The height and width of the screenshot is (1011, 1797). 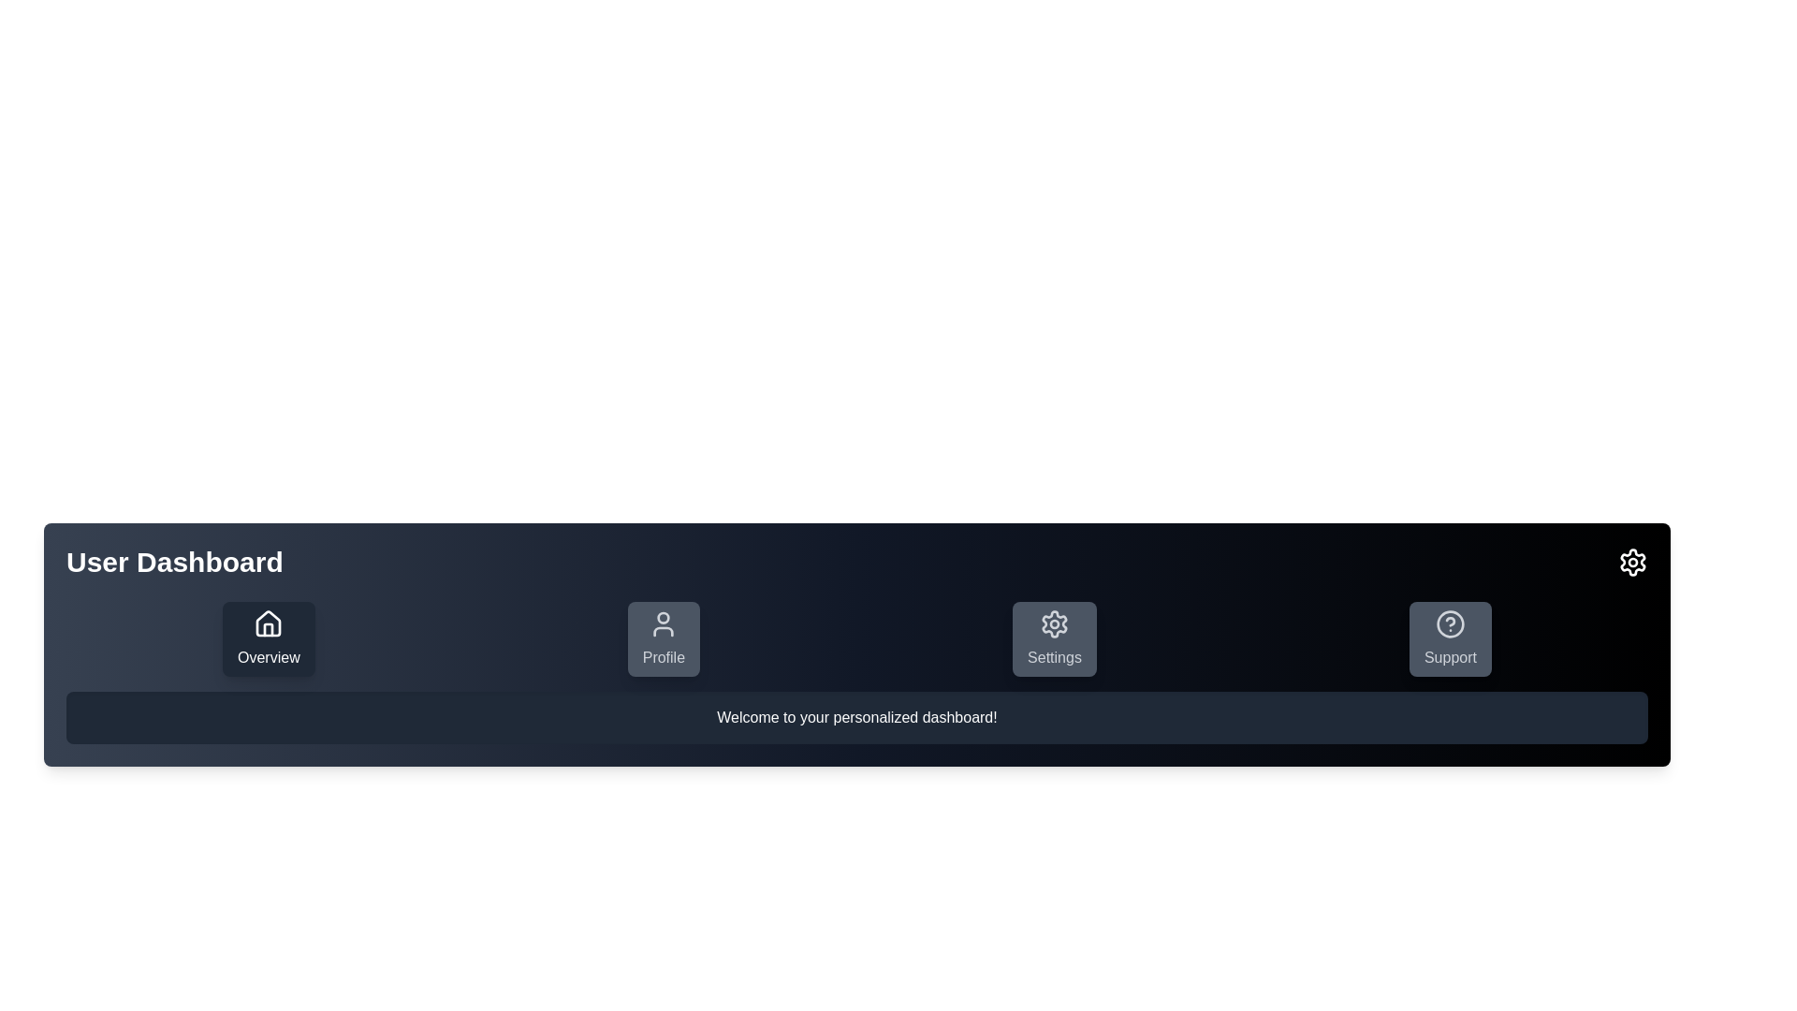 What do you see at coordinates (1450, 624) in the screenshot?
I see `the support icon, which is a circle with a question mark inside, located within the 'Support' button in the bottom-right corner of the interface` at bounding box center [1450, 624].